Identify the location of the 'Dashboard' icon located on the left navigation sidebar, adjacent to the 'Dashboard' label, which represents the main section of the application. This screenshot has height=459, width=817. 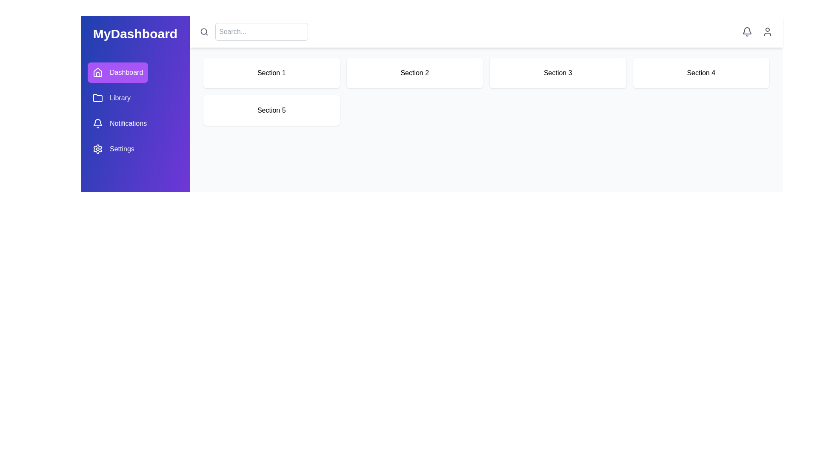
(98, 72).